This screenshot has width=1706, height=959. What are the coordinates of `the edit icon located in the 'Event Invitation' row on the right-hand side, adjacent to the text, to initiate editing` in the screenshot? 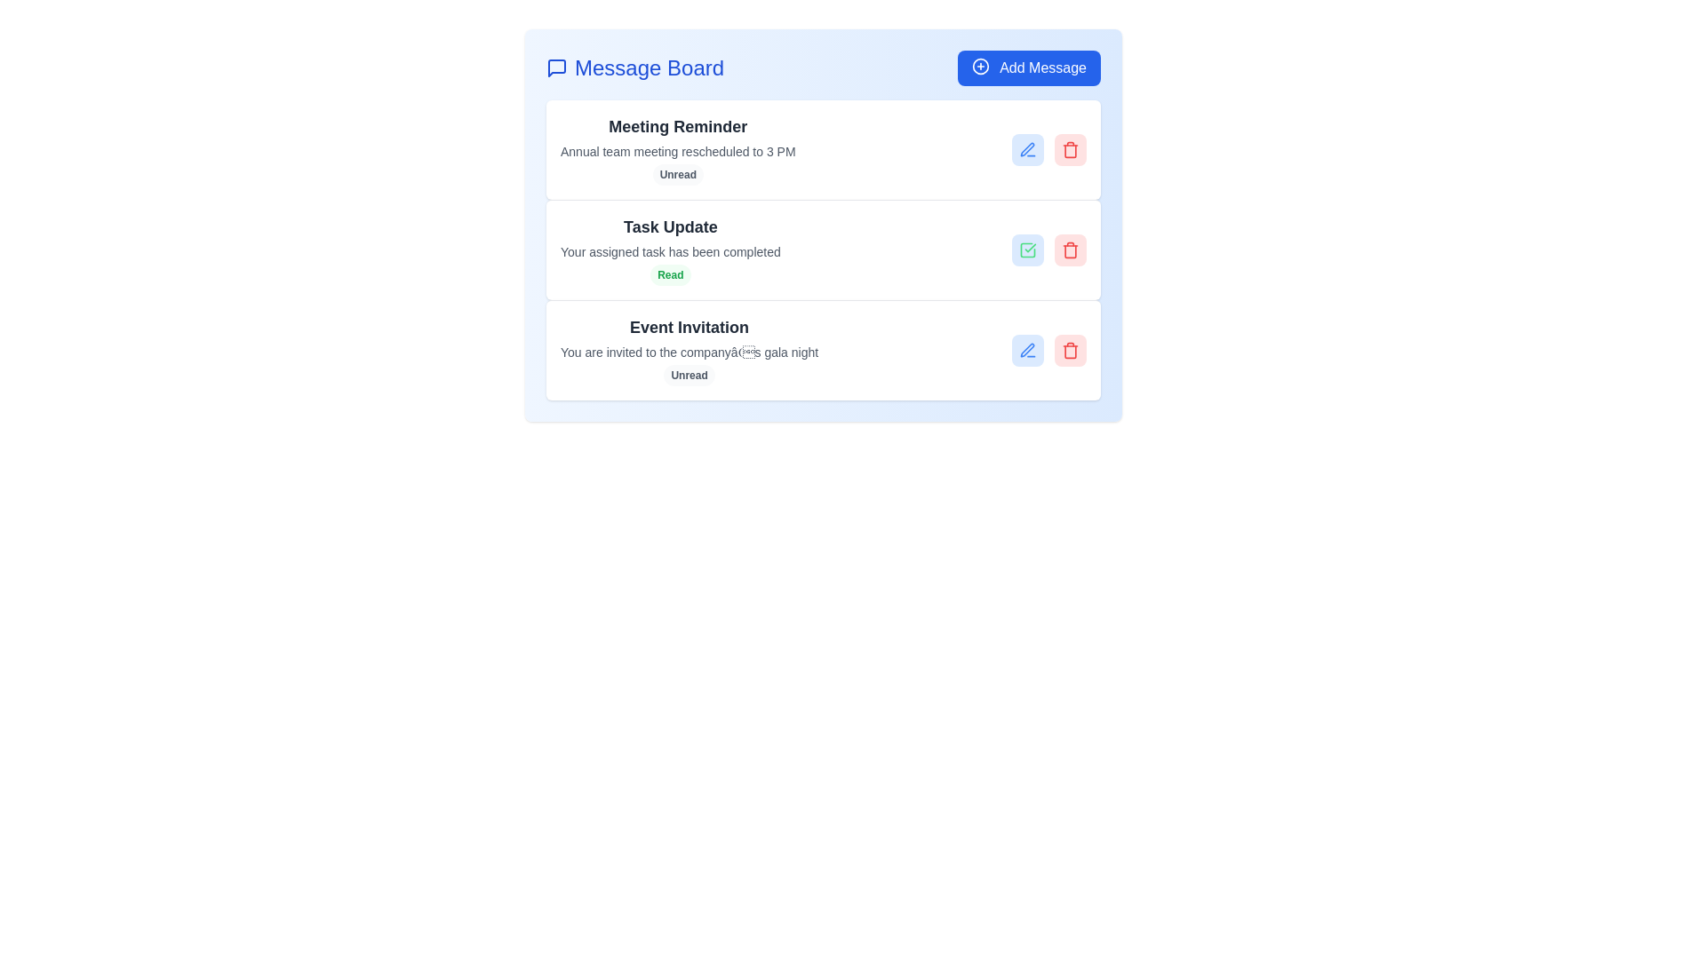 It's located at (1027, 350).